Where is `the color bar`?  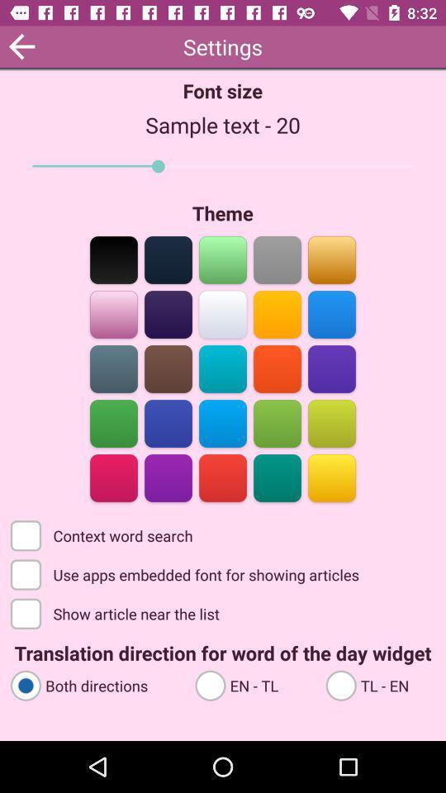 the color bar is located at coordinates (223, 477).